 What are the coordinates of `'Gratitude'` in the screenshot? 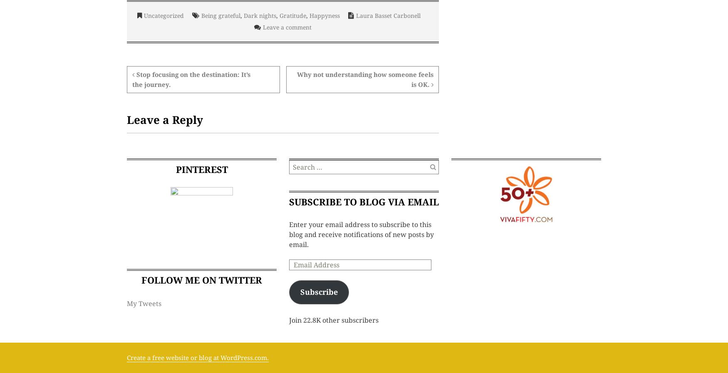 It's located at (292, 15).